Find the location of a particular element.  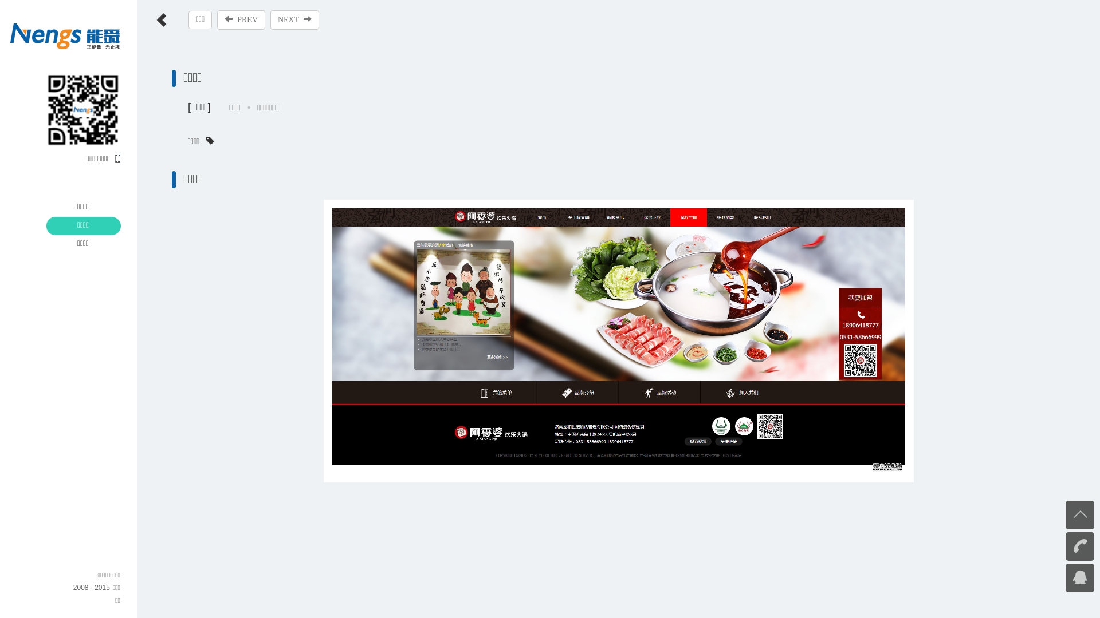

'NEXT' is located at coordinates (294, 19).